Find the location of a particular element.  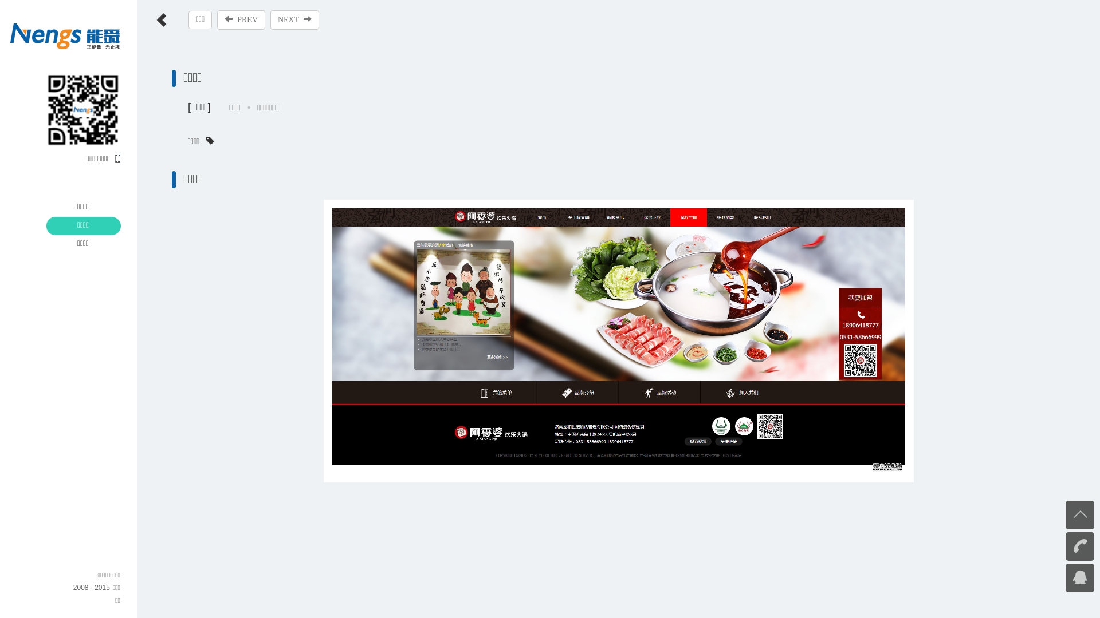

'NEXT' is located at coordinates (294, 19).